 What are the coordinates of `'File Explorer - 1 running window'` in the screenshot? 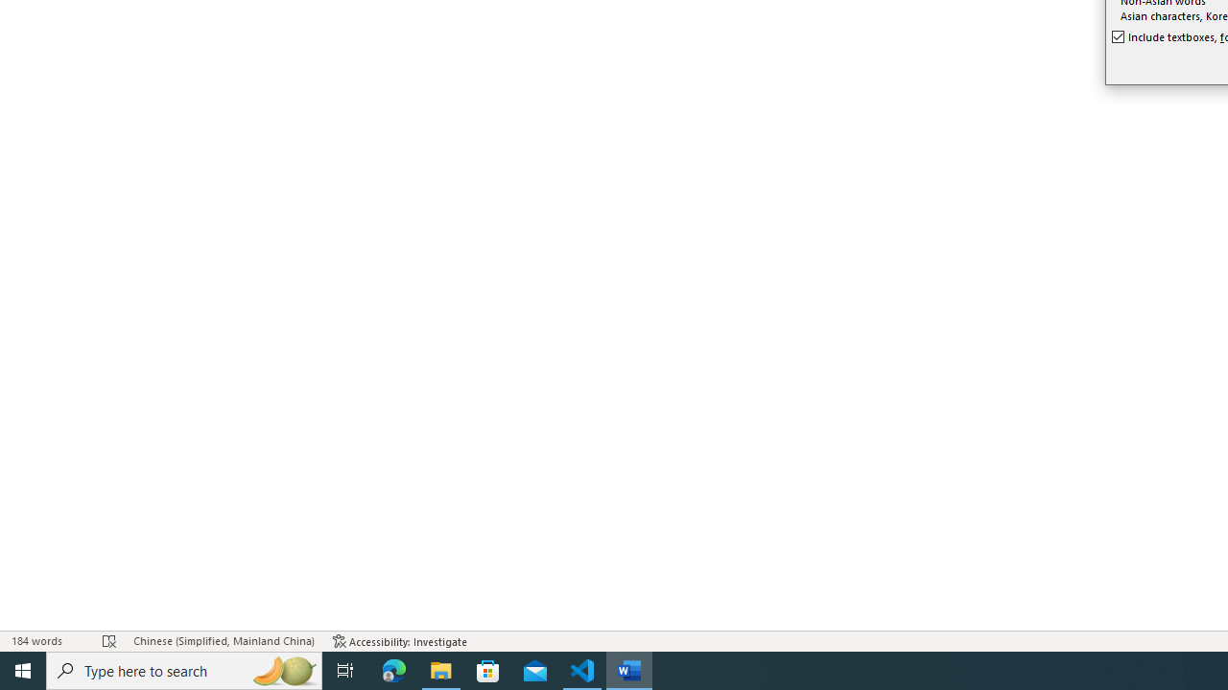 It's located at (440, 669).